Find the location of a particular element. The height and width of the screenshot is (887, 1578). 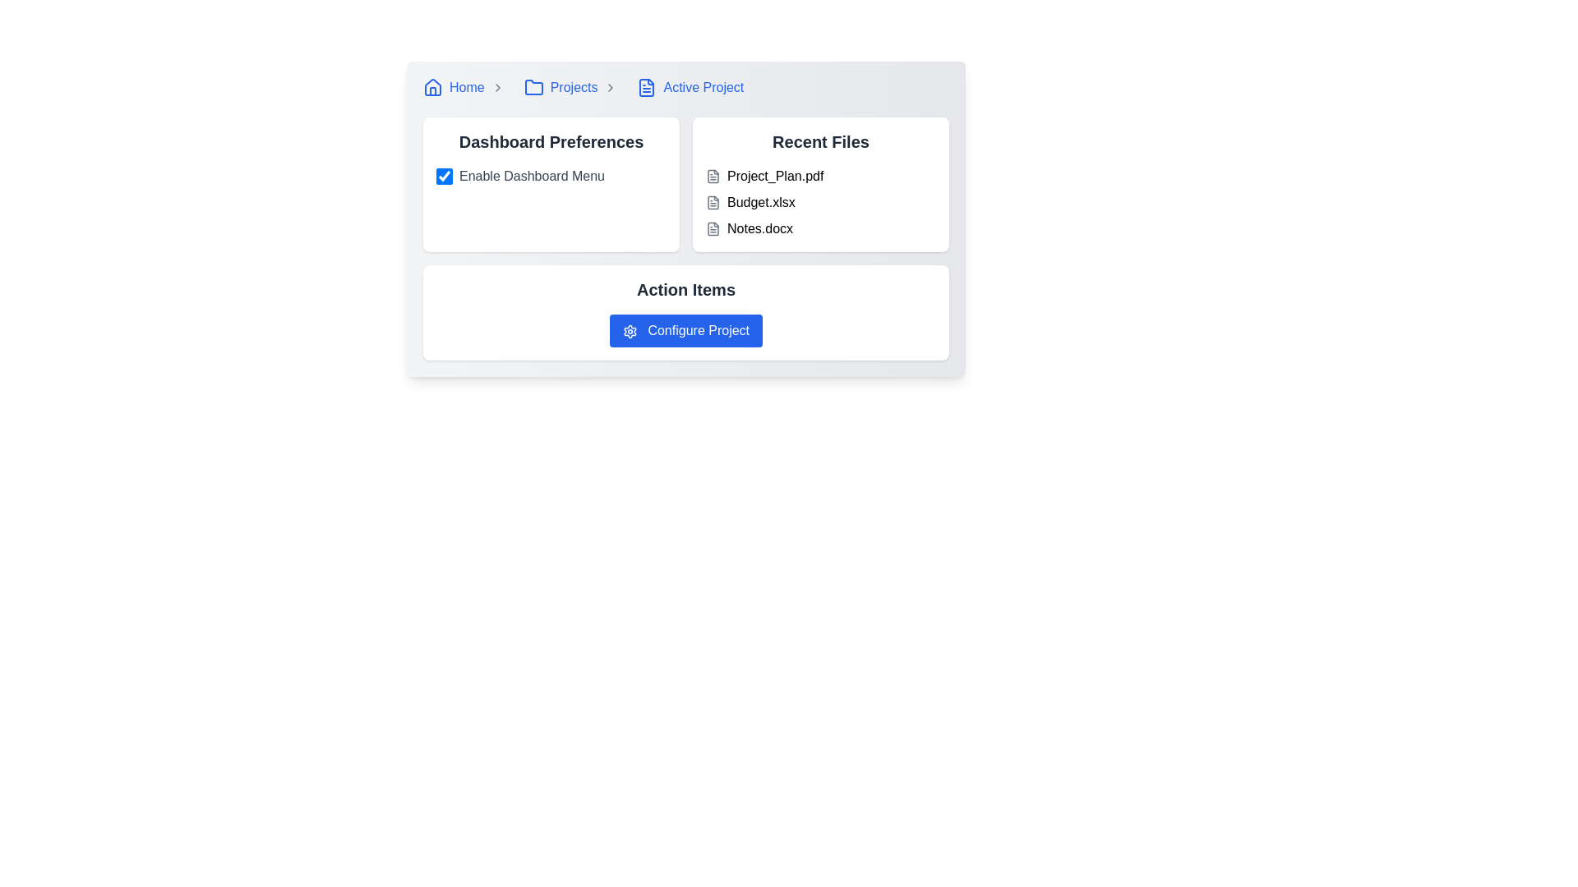

the third list item is located at coordinates (820, 228).